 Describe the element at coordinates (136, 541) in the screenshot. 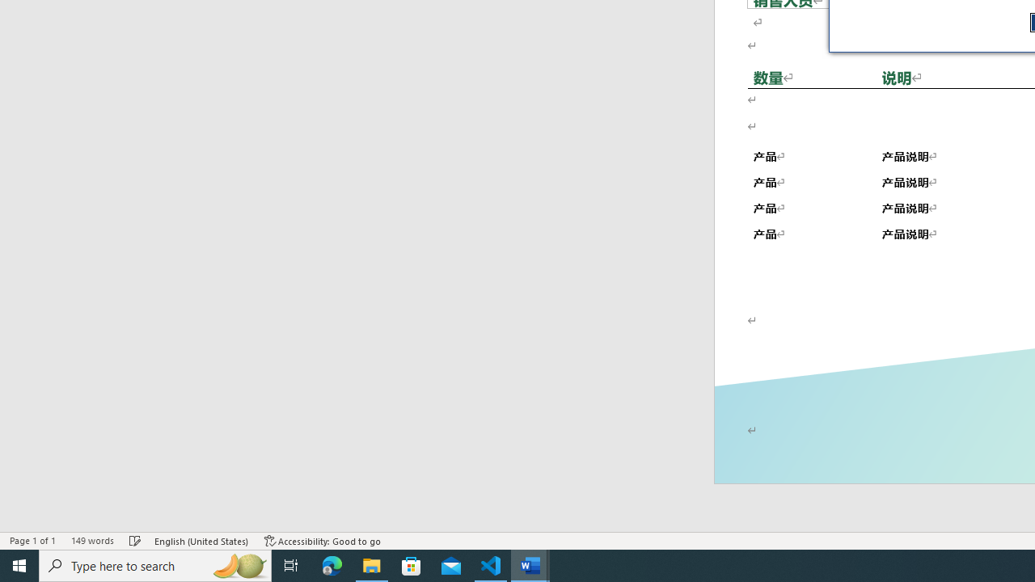

I see `'Spelling and Grammar Check Checking'` at that location.